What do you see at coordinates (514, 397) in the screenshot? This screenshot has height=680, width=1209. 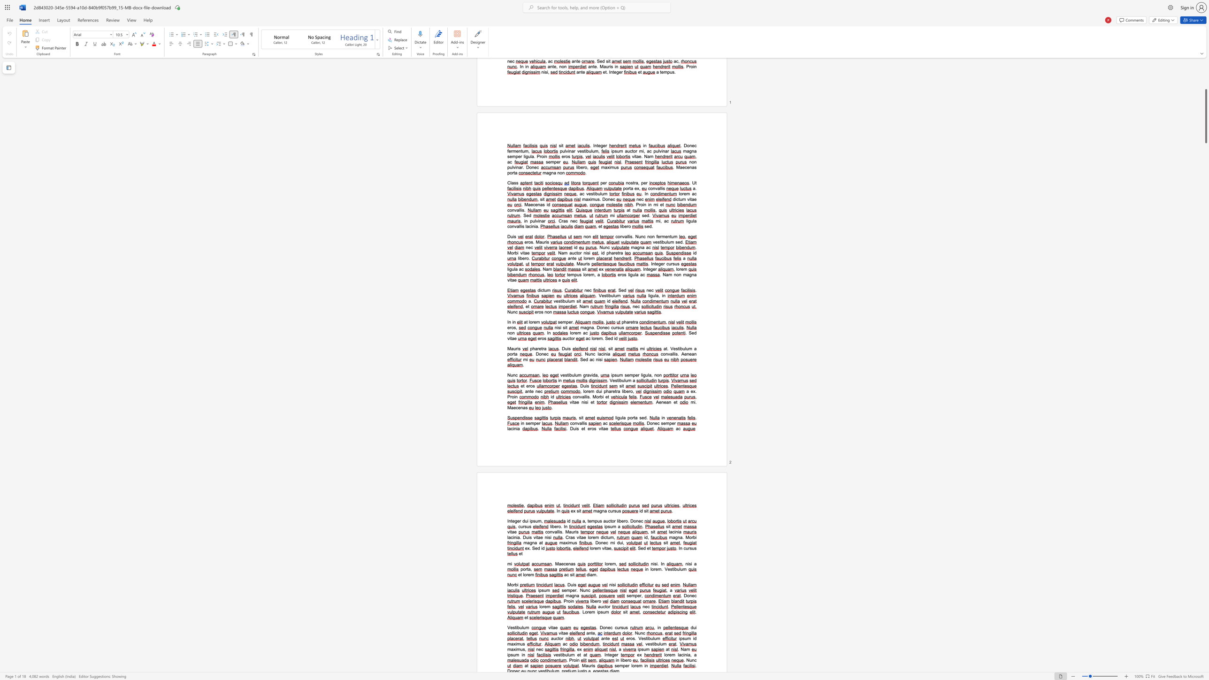 I see `the 1th character "i" in the text` at bounding box center [514, 397].